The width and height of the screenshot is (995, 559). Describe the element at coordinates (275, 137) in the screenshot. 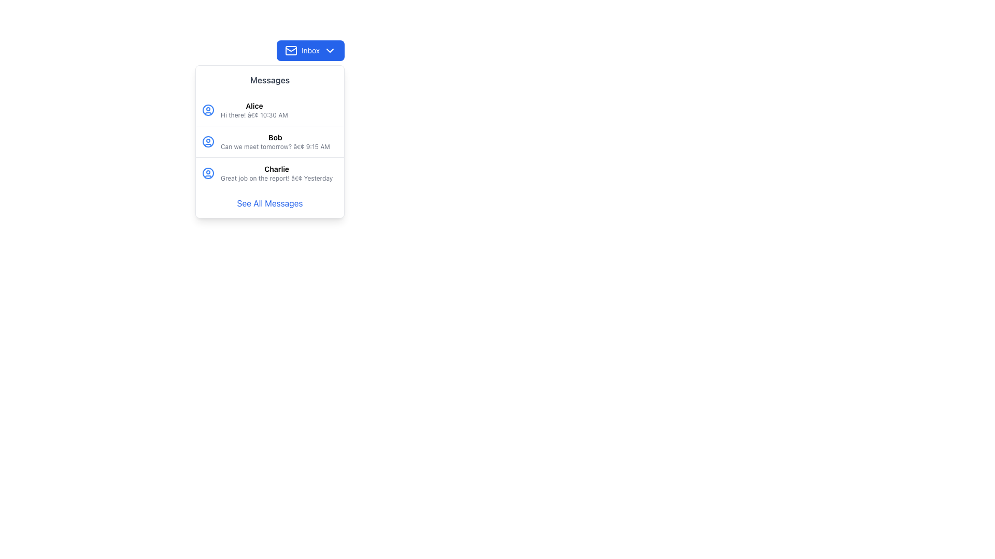

I see `the content of the text label displaying the sender's name in the message list, located between 'Alice' and 'Charlie'` at that location.